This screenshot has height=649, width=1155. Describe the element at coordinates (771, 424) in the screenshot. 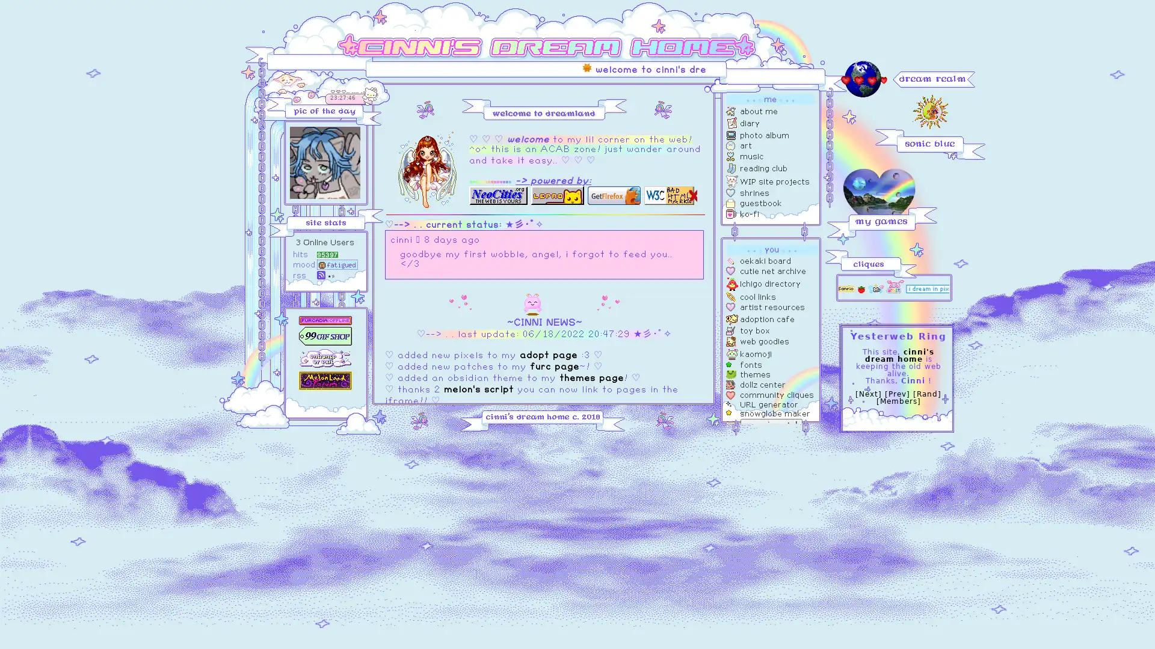

I see `experimental` at that location.